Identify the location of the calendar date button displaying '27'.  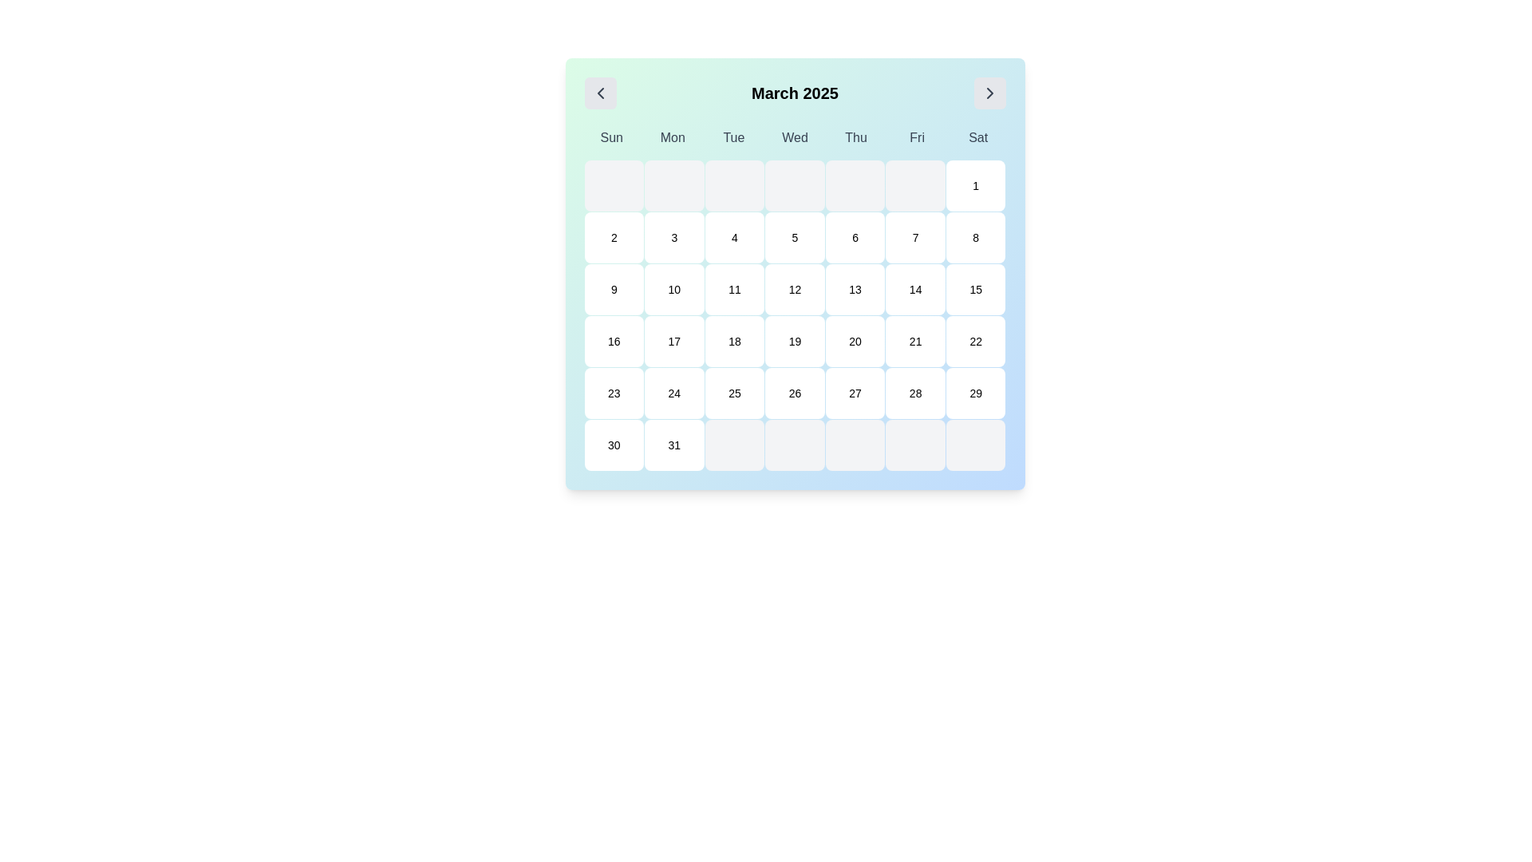
(855, 393).